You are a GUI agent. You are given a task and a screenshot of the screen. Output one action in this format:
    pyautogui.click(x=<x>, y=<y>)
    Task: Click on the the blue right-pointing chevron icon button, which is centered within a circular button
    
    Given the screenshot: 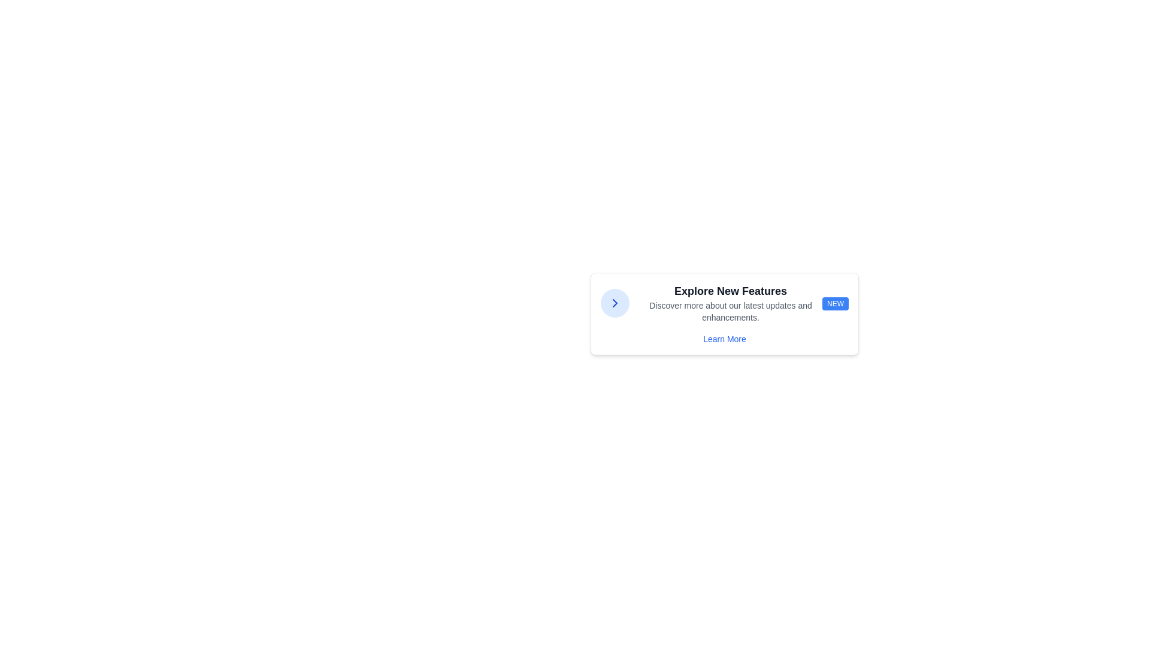 What is the action you would take?
    pyautogui.click(x=615, y=302)
    